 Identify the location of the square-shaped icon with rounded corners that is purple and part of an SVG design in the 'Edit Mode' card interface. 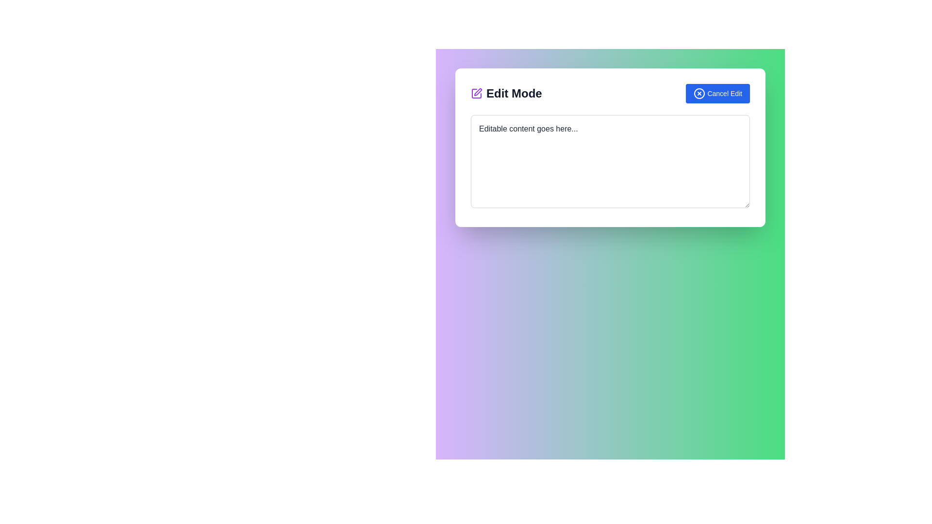
(477, 93).